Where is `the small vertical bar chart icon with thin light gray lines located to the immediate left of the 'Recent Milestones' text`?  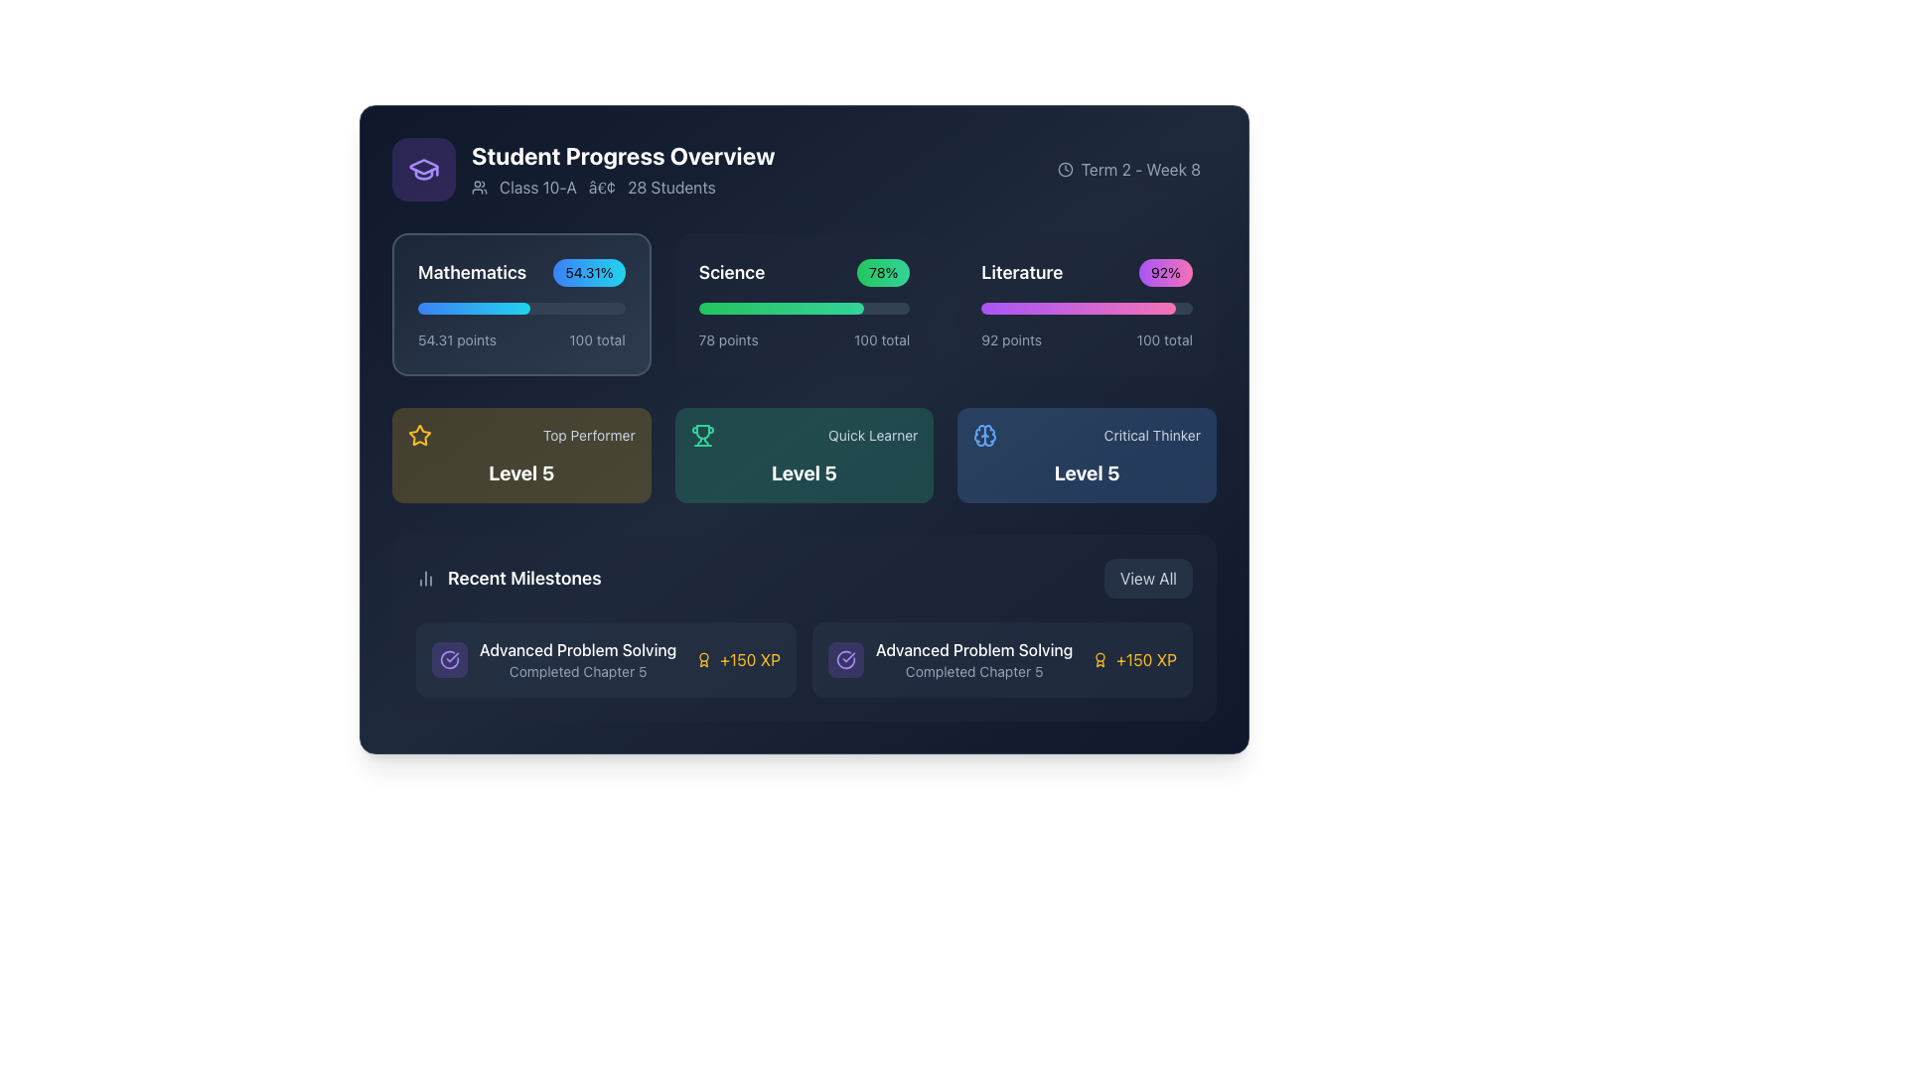 the small vertical bar chart icon with thin light gray lines located to the immediate left of the 'Recent Milestones' text is located at coordinates (424, 578).